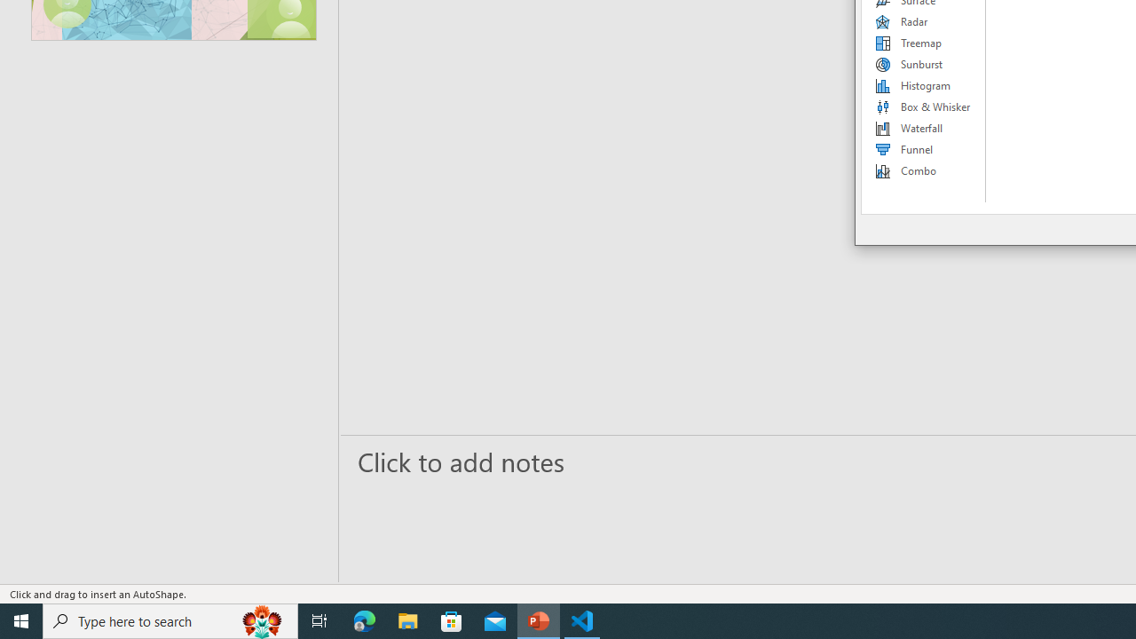 The width and height of the screenshot is (1136, 639). I want to click on 'Sunburst', so click(923, 64).